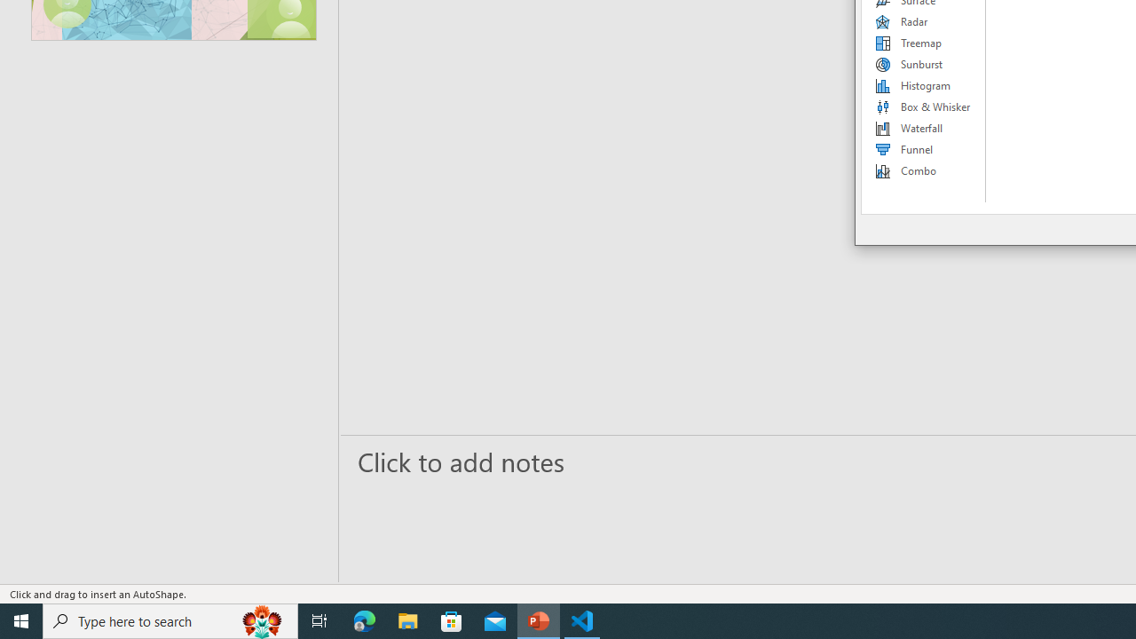 The width and height of the screenshot is (1136, 639). I want to click on 'Sunburst', so click(923, 64).